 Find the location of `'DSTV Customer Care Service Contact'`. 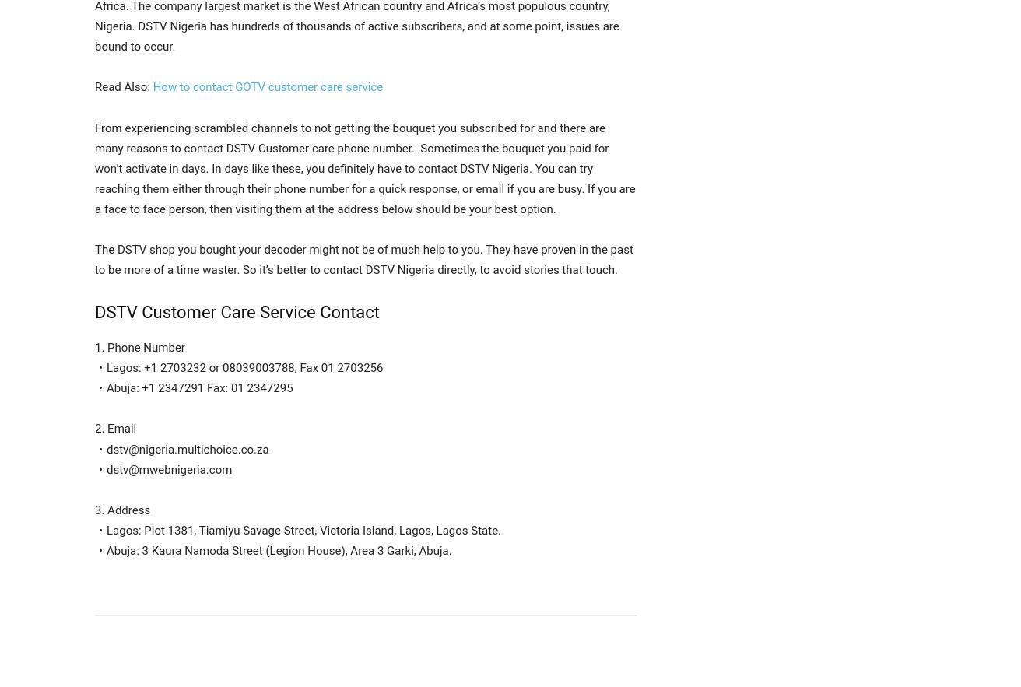

'DSTV Customer Care Service Contact' is located at coordinates (237, 311).